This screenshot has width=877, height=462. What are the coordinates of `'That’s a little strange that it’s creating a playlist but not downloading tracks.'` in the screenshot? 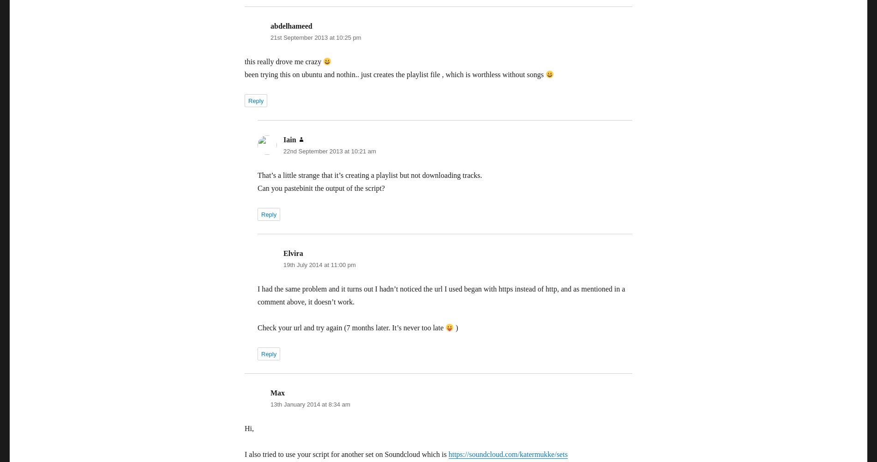 It's located at (369, 175).